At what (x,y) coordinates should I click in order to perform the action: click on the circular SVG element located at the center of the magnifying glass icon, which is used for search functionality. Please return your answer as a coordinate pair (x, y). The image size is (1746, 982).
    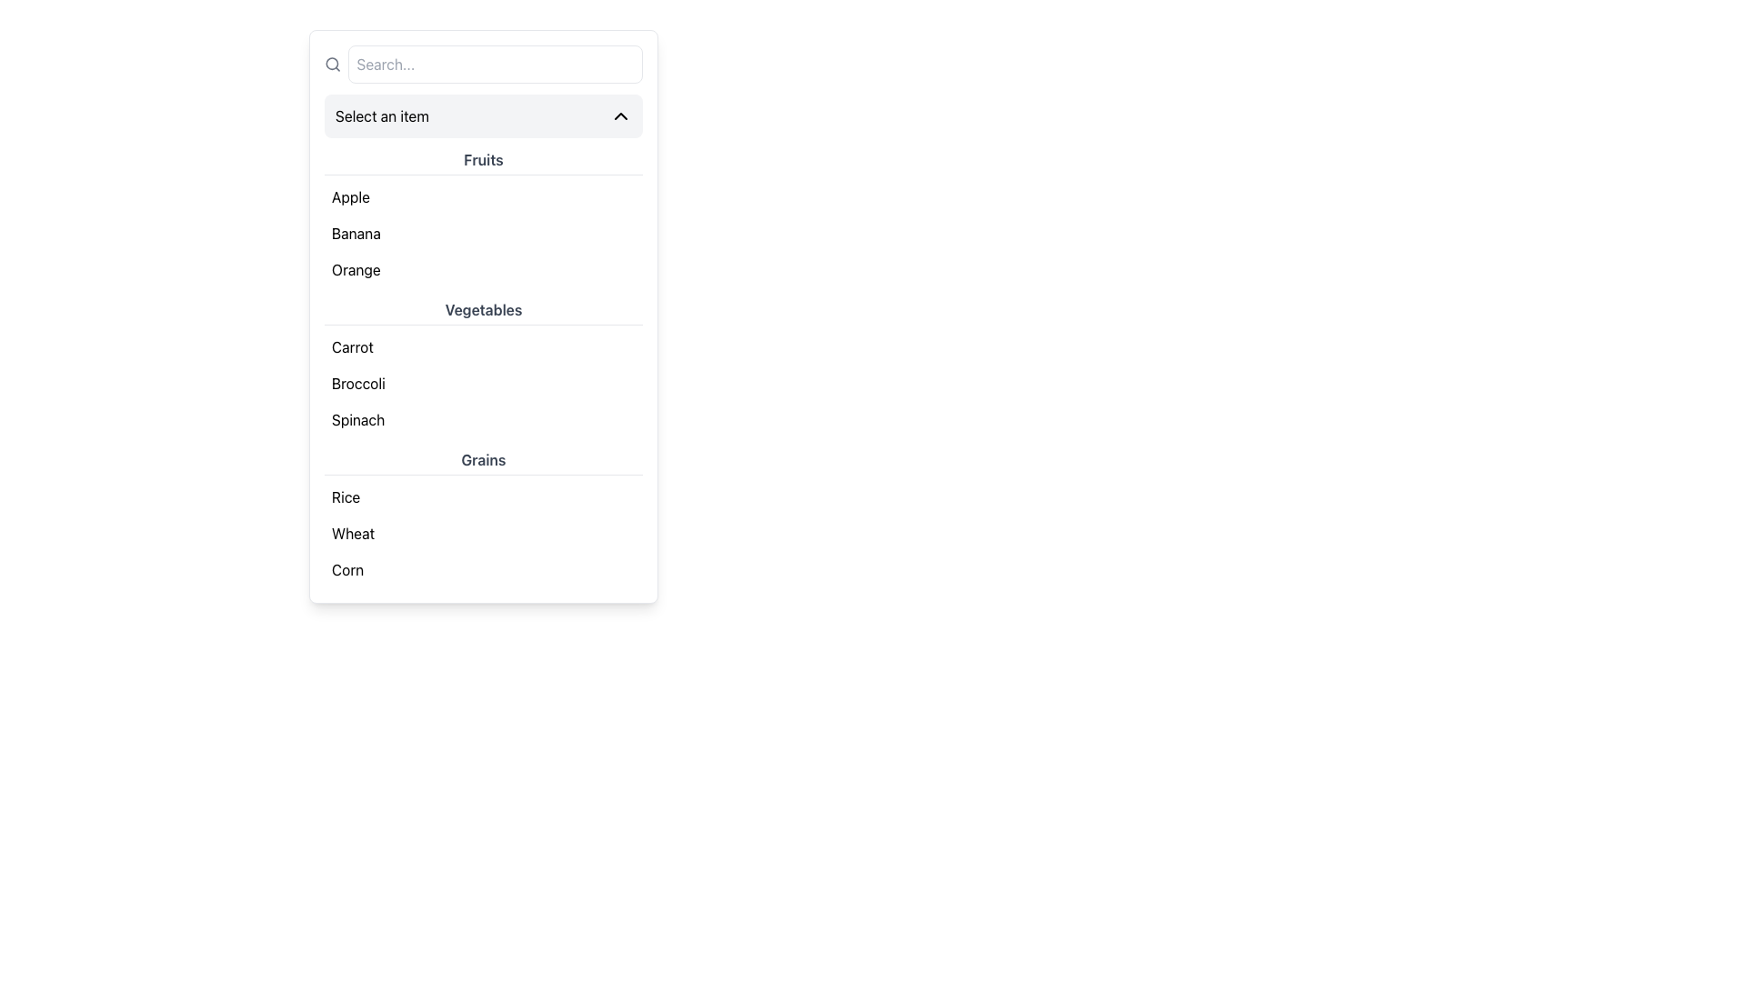
    Looking at the image, I should click on (332, 63).